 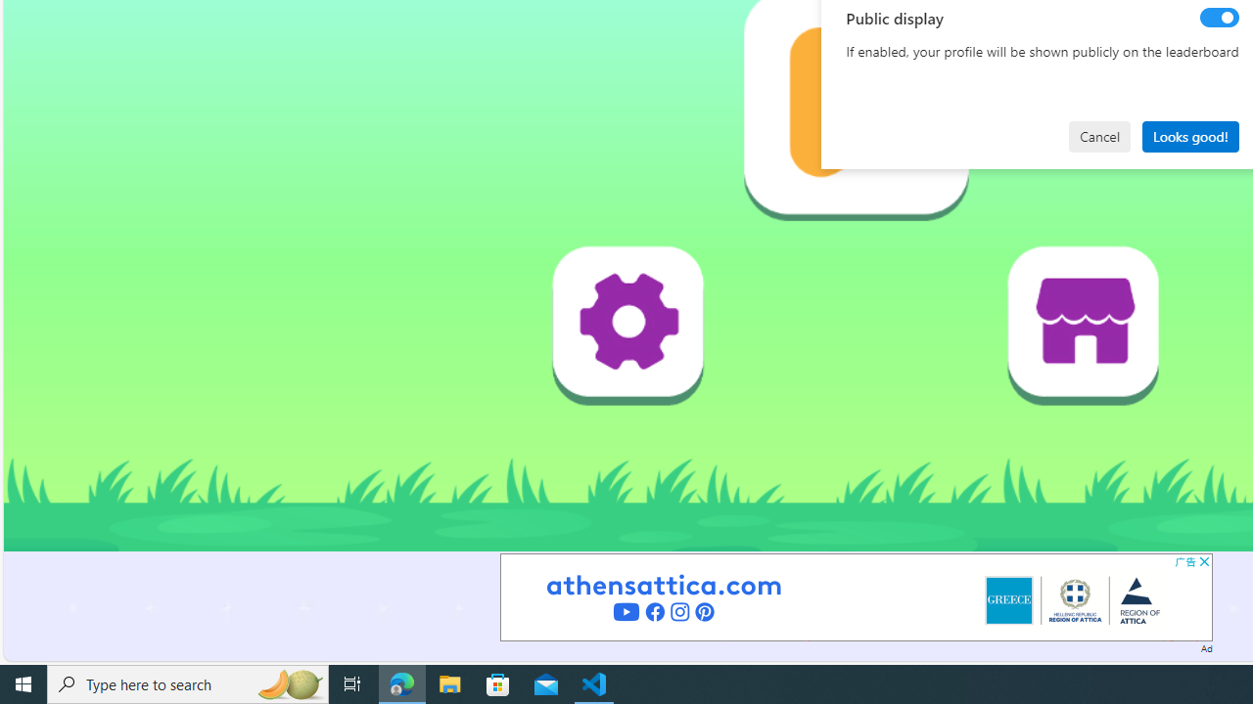 What do you see at coordinates (351, 682) in the screenshot?
I see `'Task View'` at bounding box center [351, 682].